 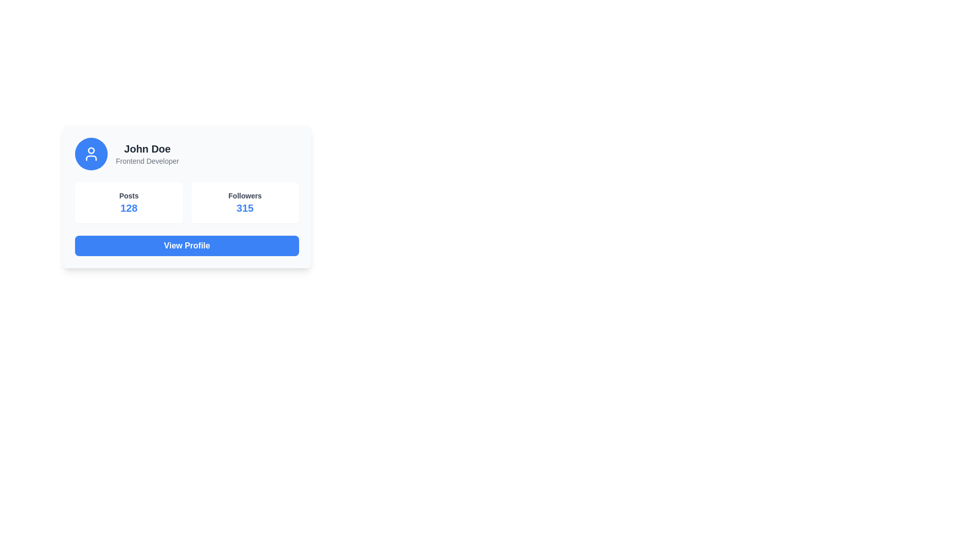 I want to click on the small circular icon located at the center of the user profile avatar, which is positioned to the left of the text 'John Doe' within the profile card, so click(x=91, y=150).